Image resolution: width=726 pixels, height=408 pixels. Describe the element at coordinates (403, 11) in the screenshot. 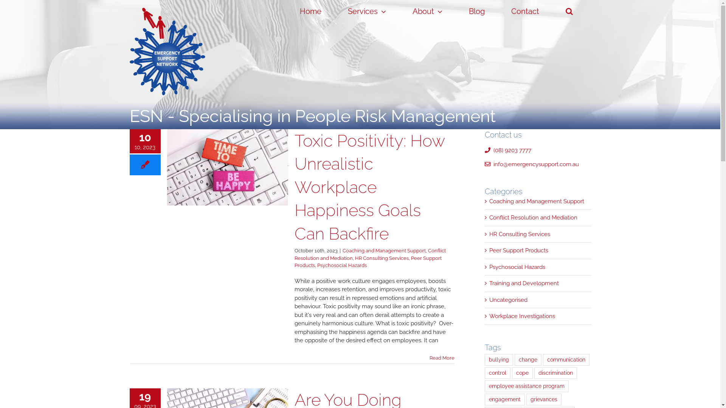

I see `'About'` at that location.